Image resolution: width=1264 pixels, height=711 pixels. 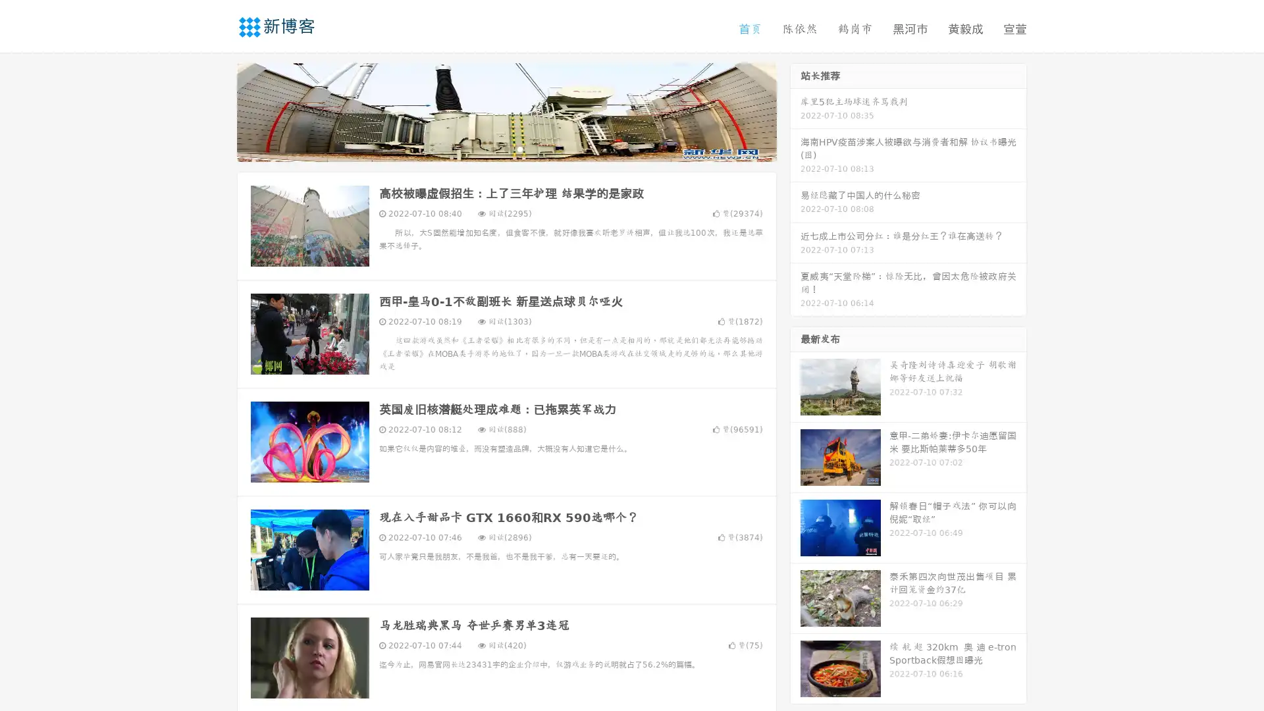 I want to click on Previous slide, so click(x=217, y=111).